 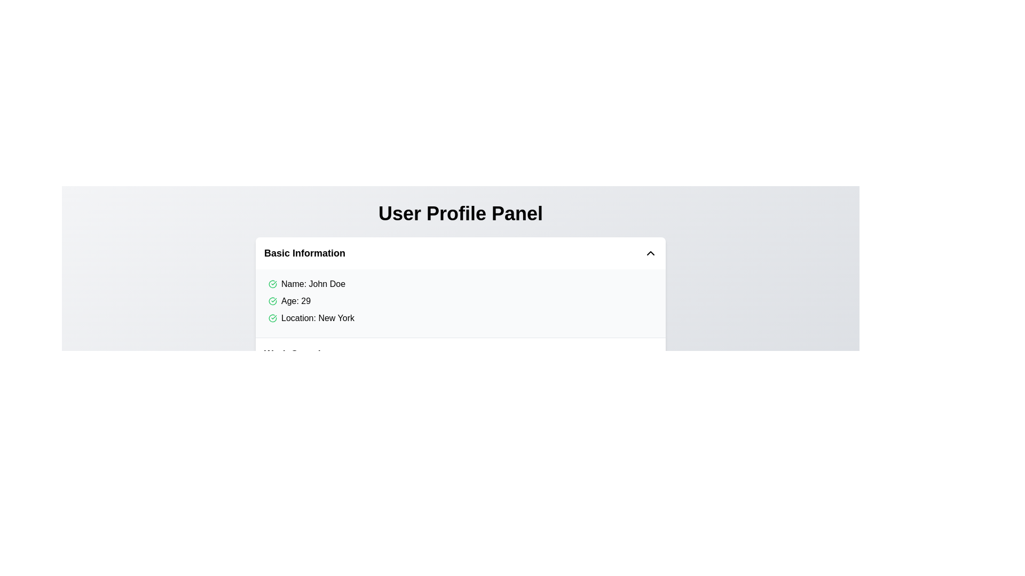 What do you see at coordinates (272, 283) in the screenshot?
I see `the green checkmark icon located to the left of the text 'Name: John Doe' in the 'Basic Information' section of the profile page` at bounding box center [272, 283].